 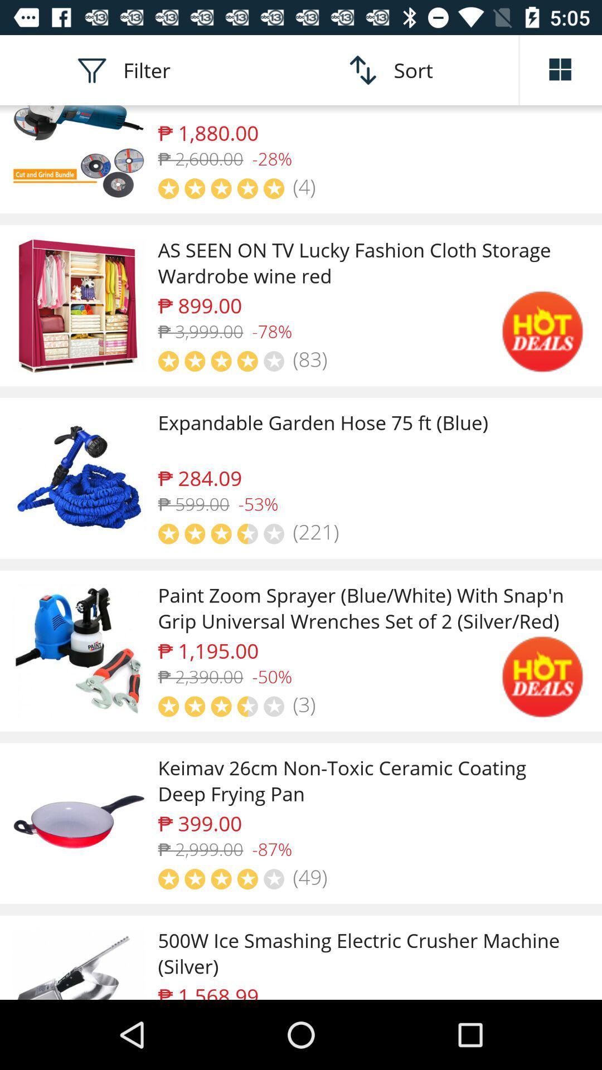 What do you see at coordinates (561, 69) in the screenshot?
I see `arrange list` at bounding box center [561, 69].